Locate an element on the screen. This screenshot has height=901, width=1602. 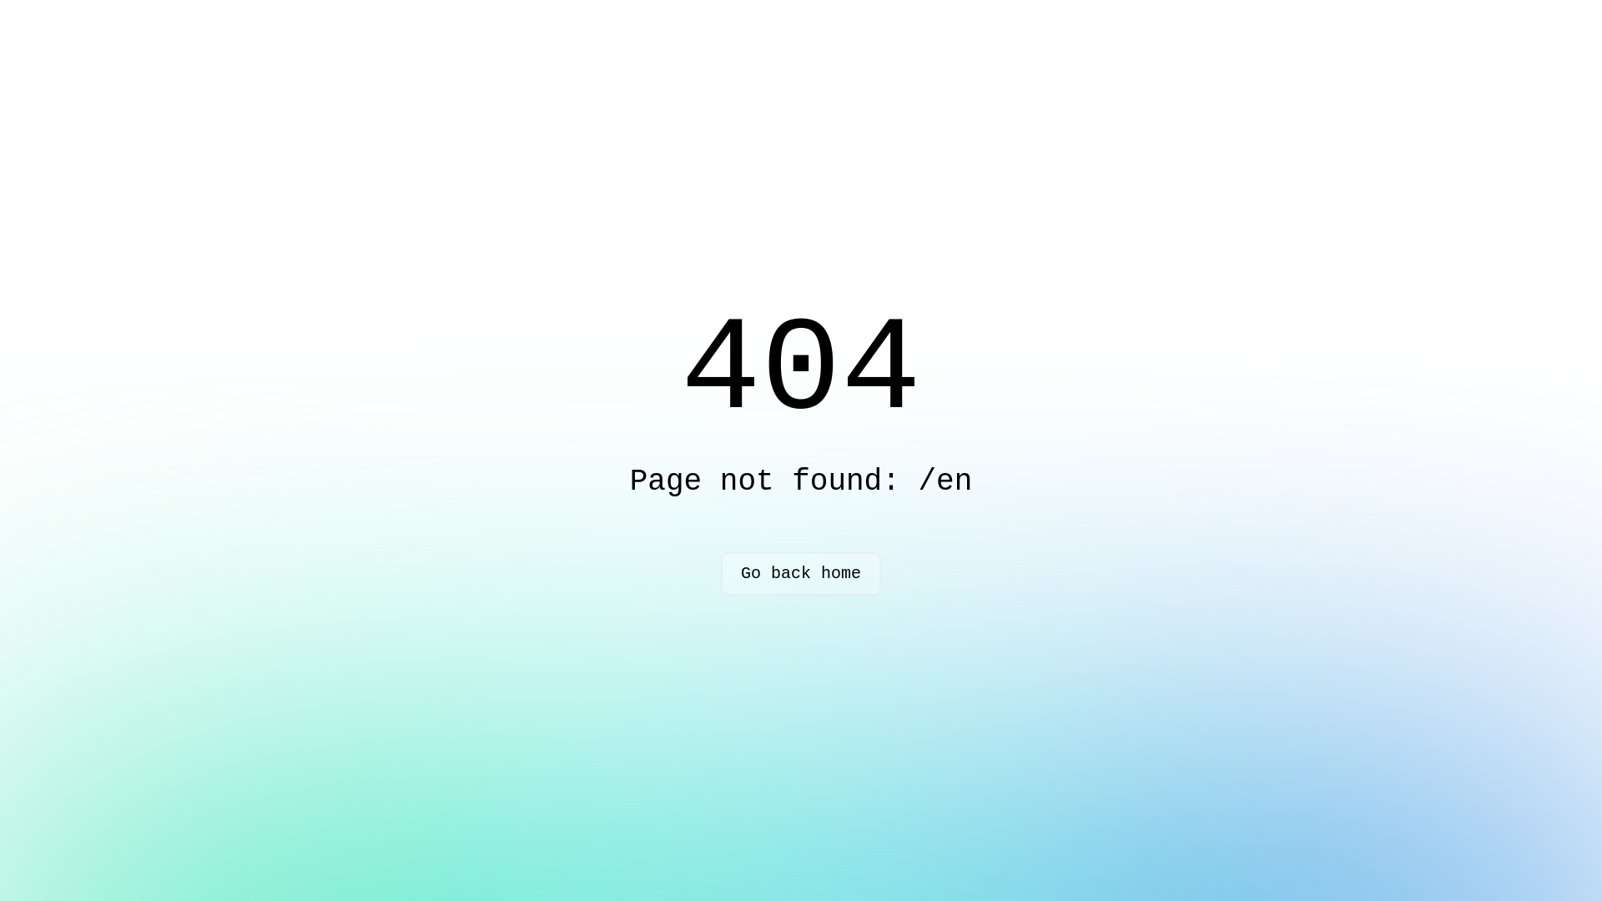
'Go back home' is located at coordinates (801, 572).